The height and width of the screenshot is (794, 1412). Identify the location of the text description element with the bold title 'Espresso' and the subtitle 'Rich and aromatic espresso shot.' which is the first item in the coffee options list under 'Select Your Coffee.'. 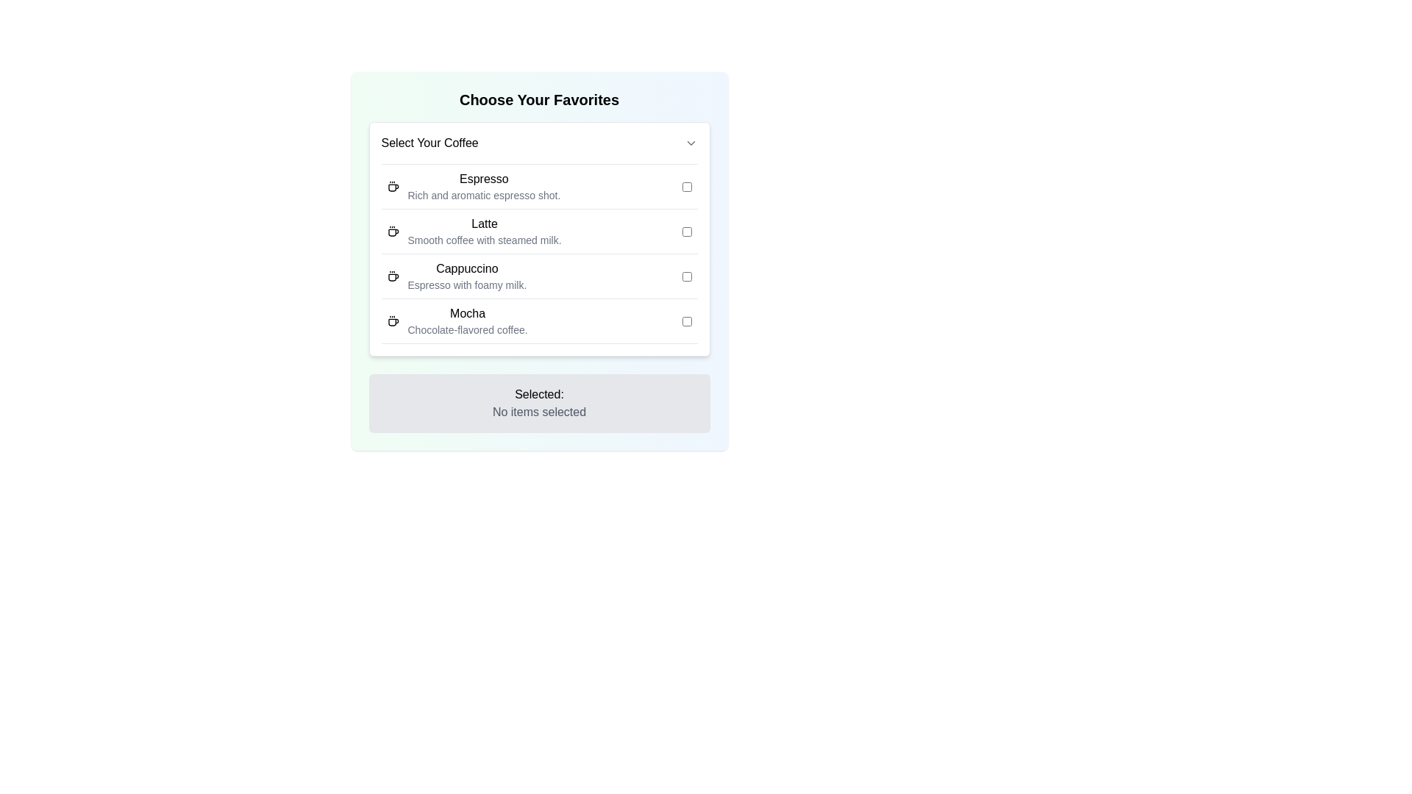
(484, 186).